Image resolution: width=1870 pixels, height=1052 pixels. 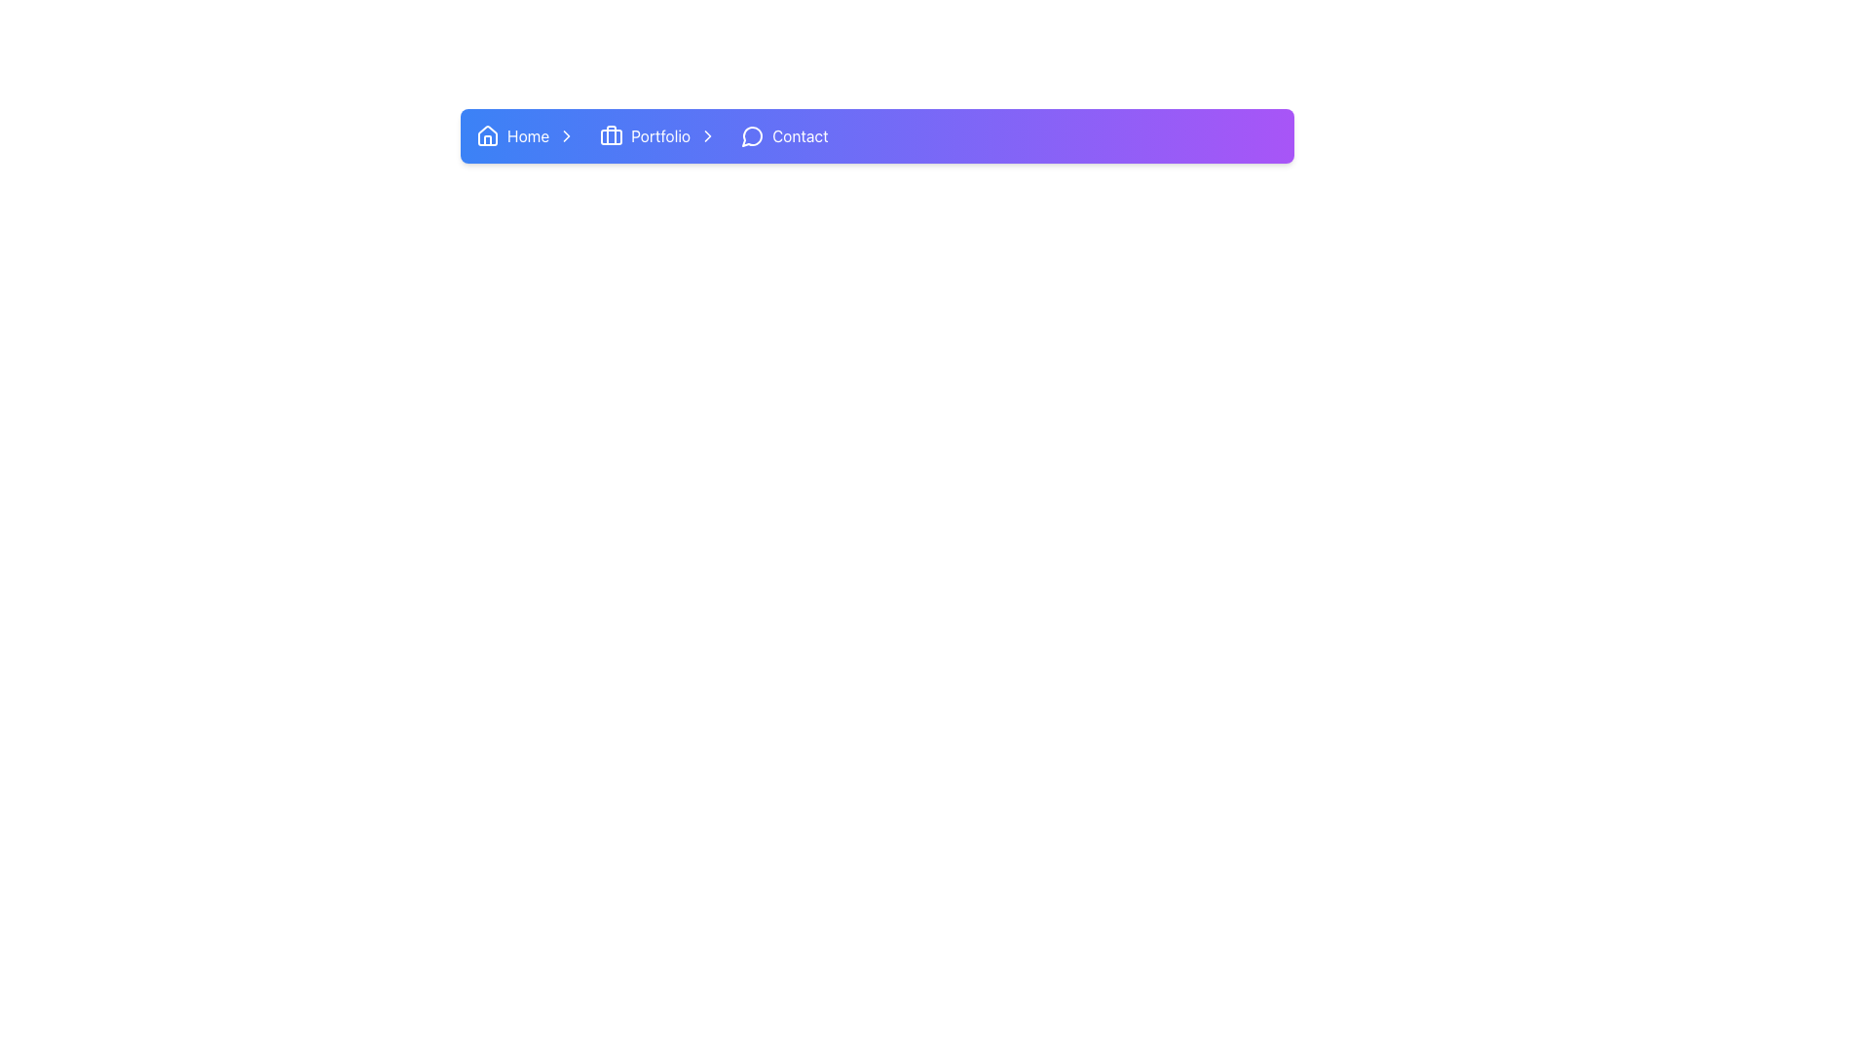 I want to click on the third link in the navigation bar, located between the 'Portfolio' icon and a right-pointing chevron, so click(x=660, y=134).